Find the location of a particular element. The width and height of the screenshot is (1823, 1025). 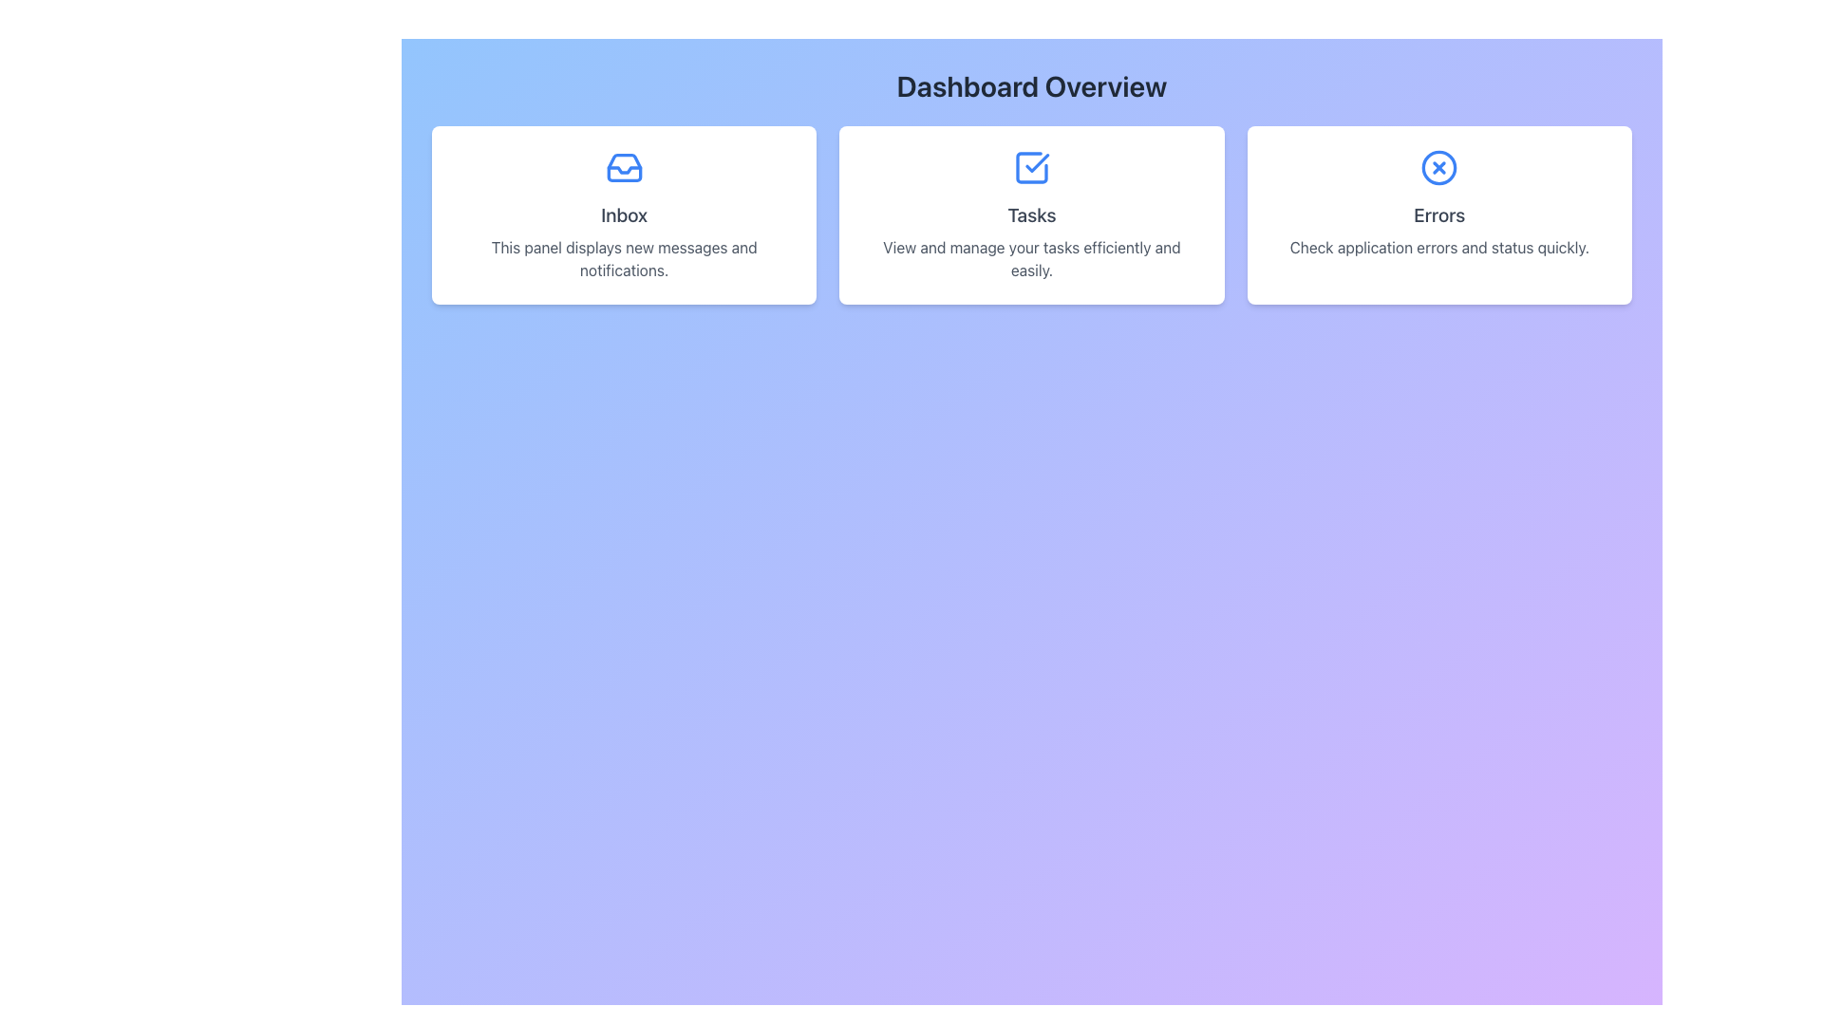

the decorative error icon located at the top of the 'Errors' card, centered horizontally above the title 'Errors' is located at coordinates (1439, 167).